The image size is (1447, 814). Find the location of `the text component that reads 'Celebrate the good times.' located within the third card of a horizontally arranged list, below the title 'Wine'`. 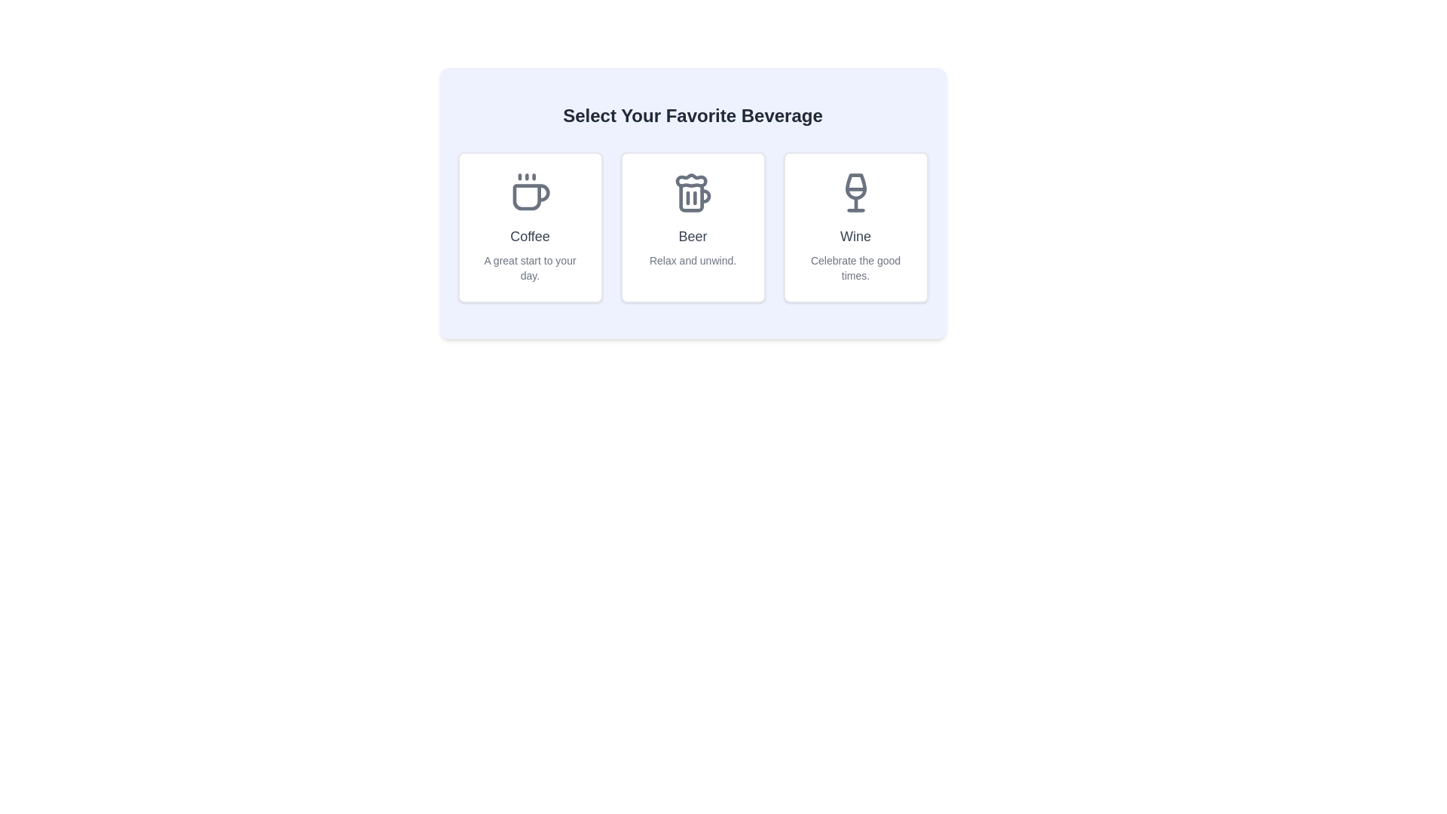

the text component that reads 'Celebrate the good times.' located within the third card of a horizontally arranged list, below the title 'Wine' is located at coordinates (855, 267).